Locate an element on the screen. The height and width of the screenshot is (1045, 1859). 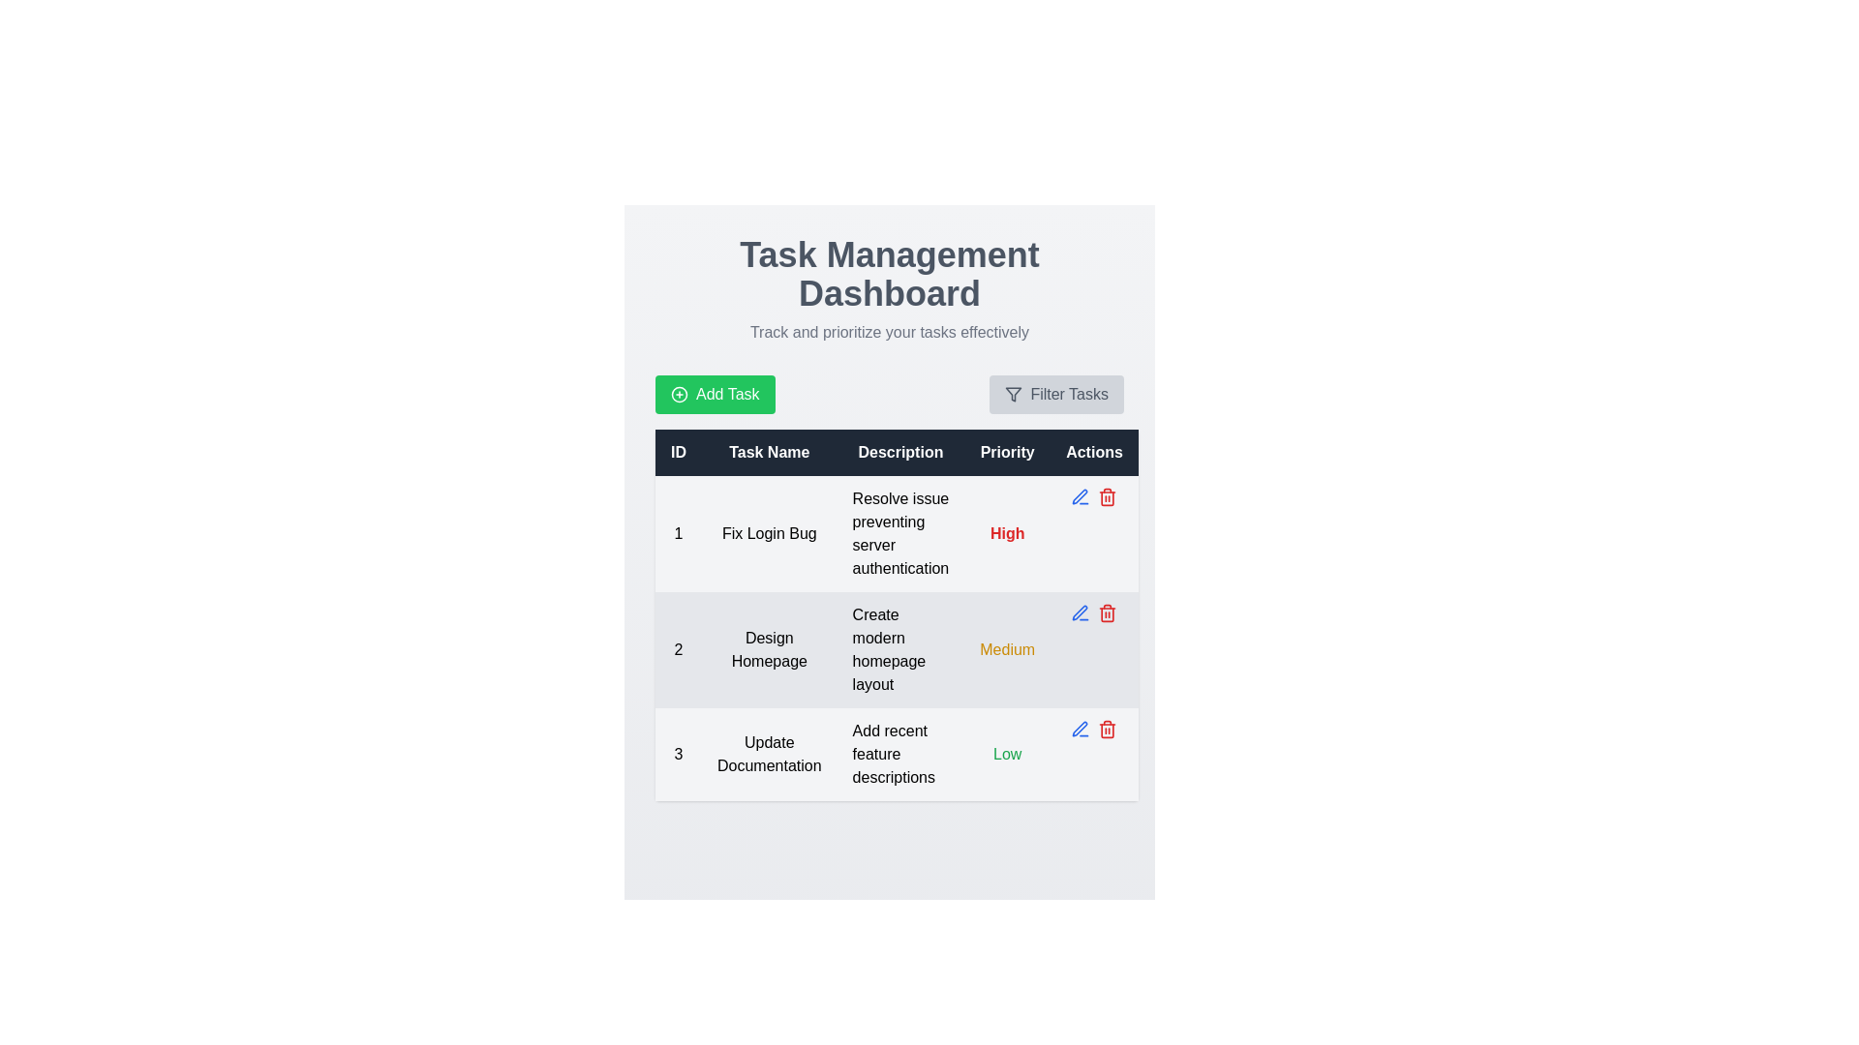
the table header cell labeled 'ID', which is styled in white font on a dark background and is the first column header in the table is located at coordinates (678, 452).